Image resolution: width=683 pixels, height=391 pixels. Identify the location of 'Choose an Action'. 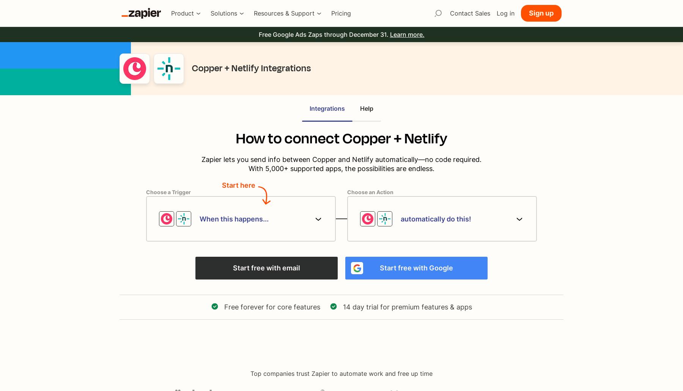
(370, 192).